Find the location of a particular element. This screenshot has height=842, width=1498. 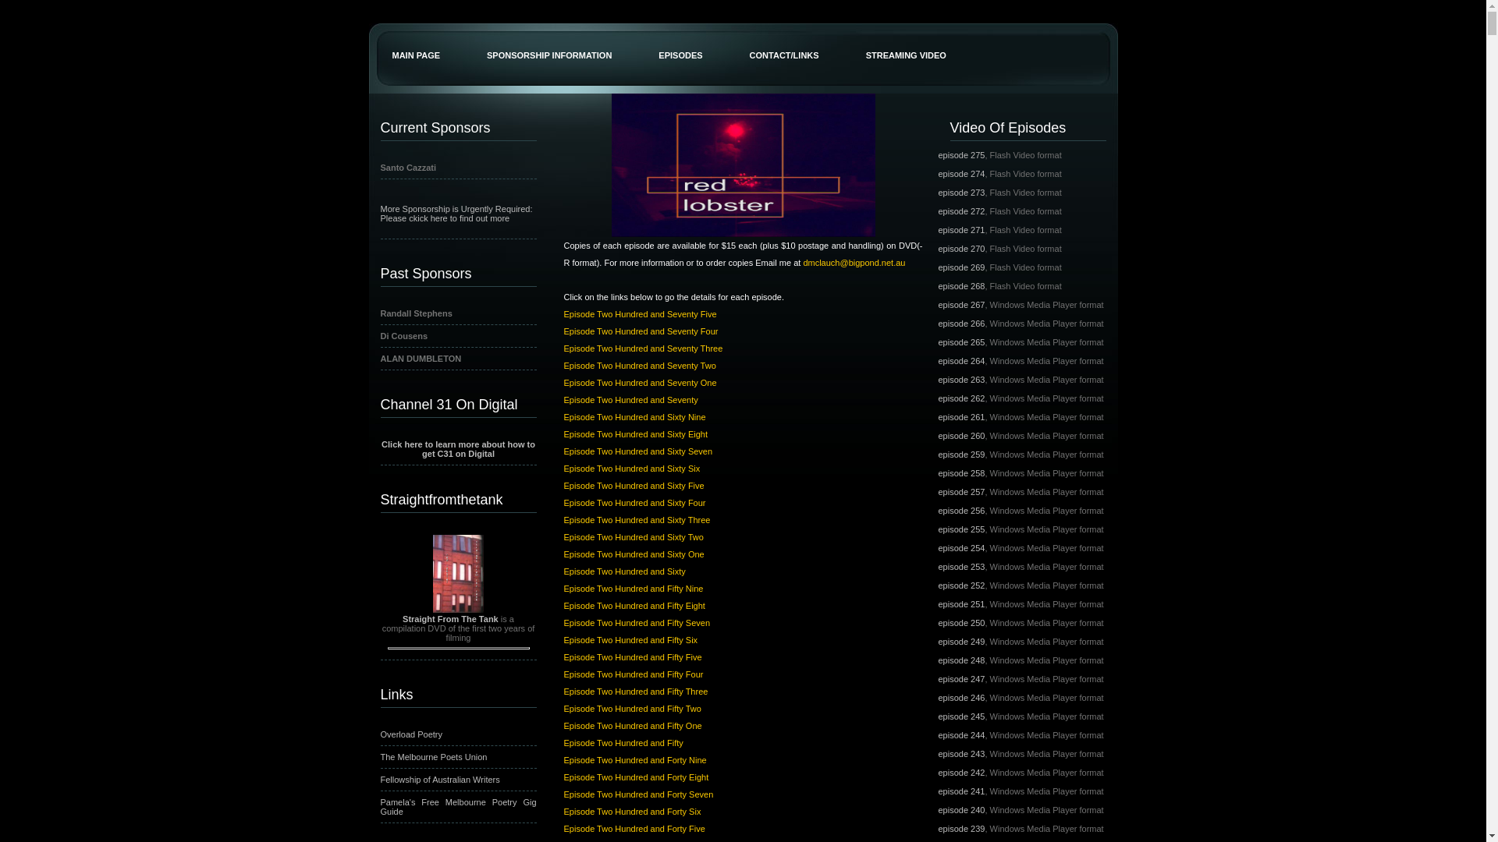

'episode 252' is located at coordinates (960, 586).